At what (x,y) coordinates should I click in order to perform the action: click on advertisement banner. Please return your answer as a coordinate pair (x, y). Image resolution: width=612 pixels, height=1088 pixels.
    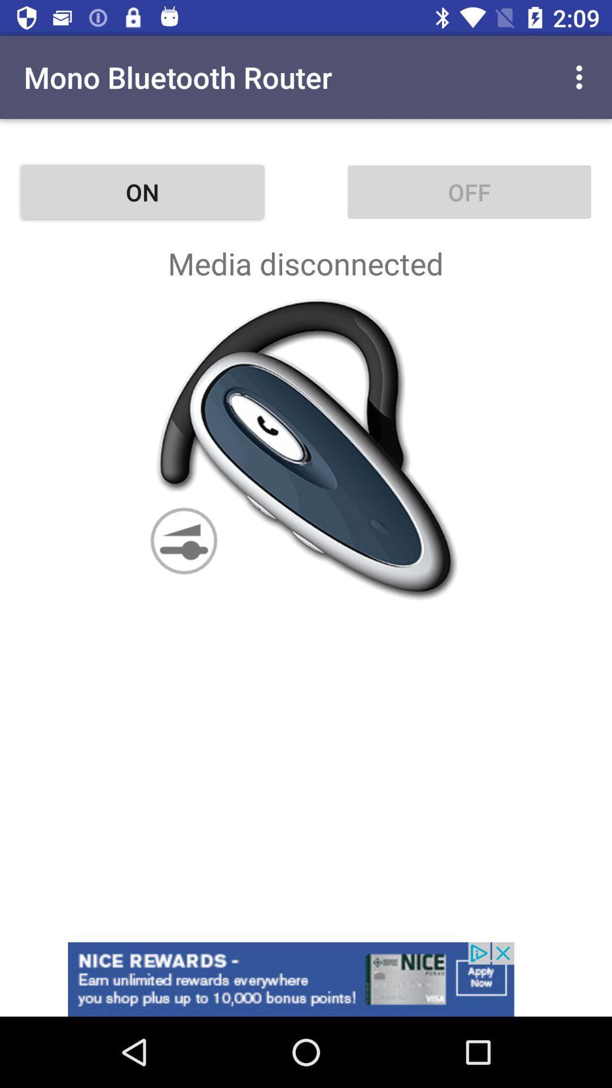
    Looking at the image, I should click on (306, 979).